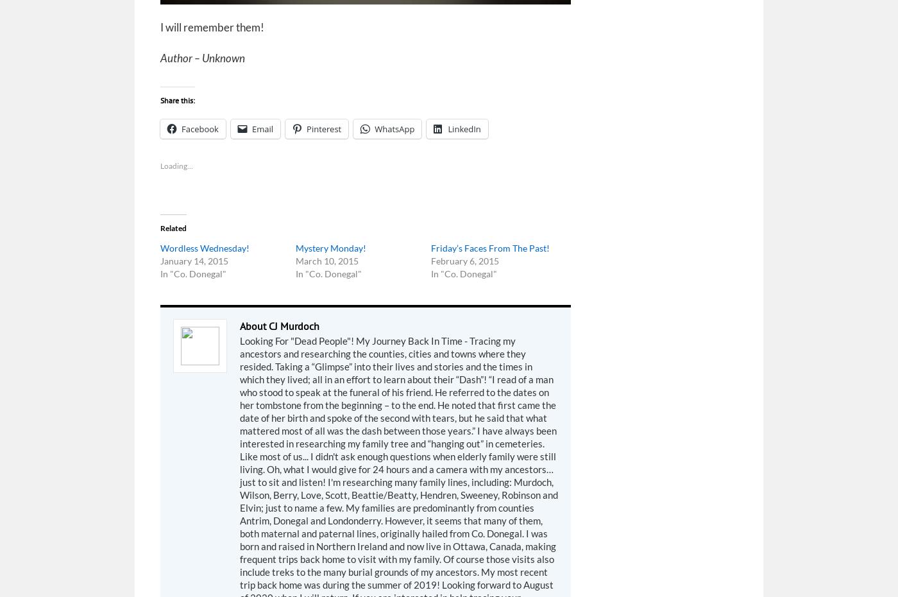  I want to click on 'Loading...', so click(160, 166).